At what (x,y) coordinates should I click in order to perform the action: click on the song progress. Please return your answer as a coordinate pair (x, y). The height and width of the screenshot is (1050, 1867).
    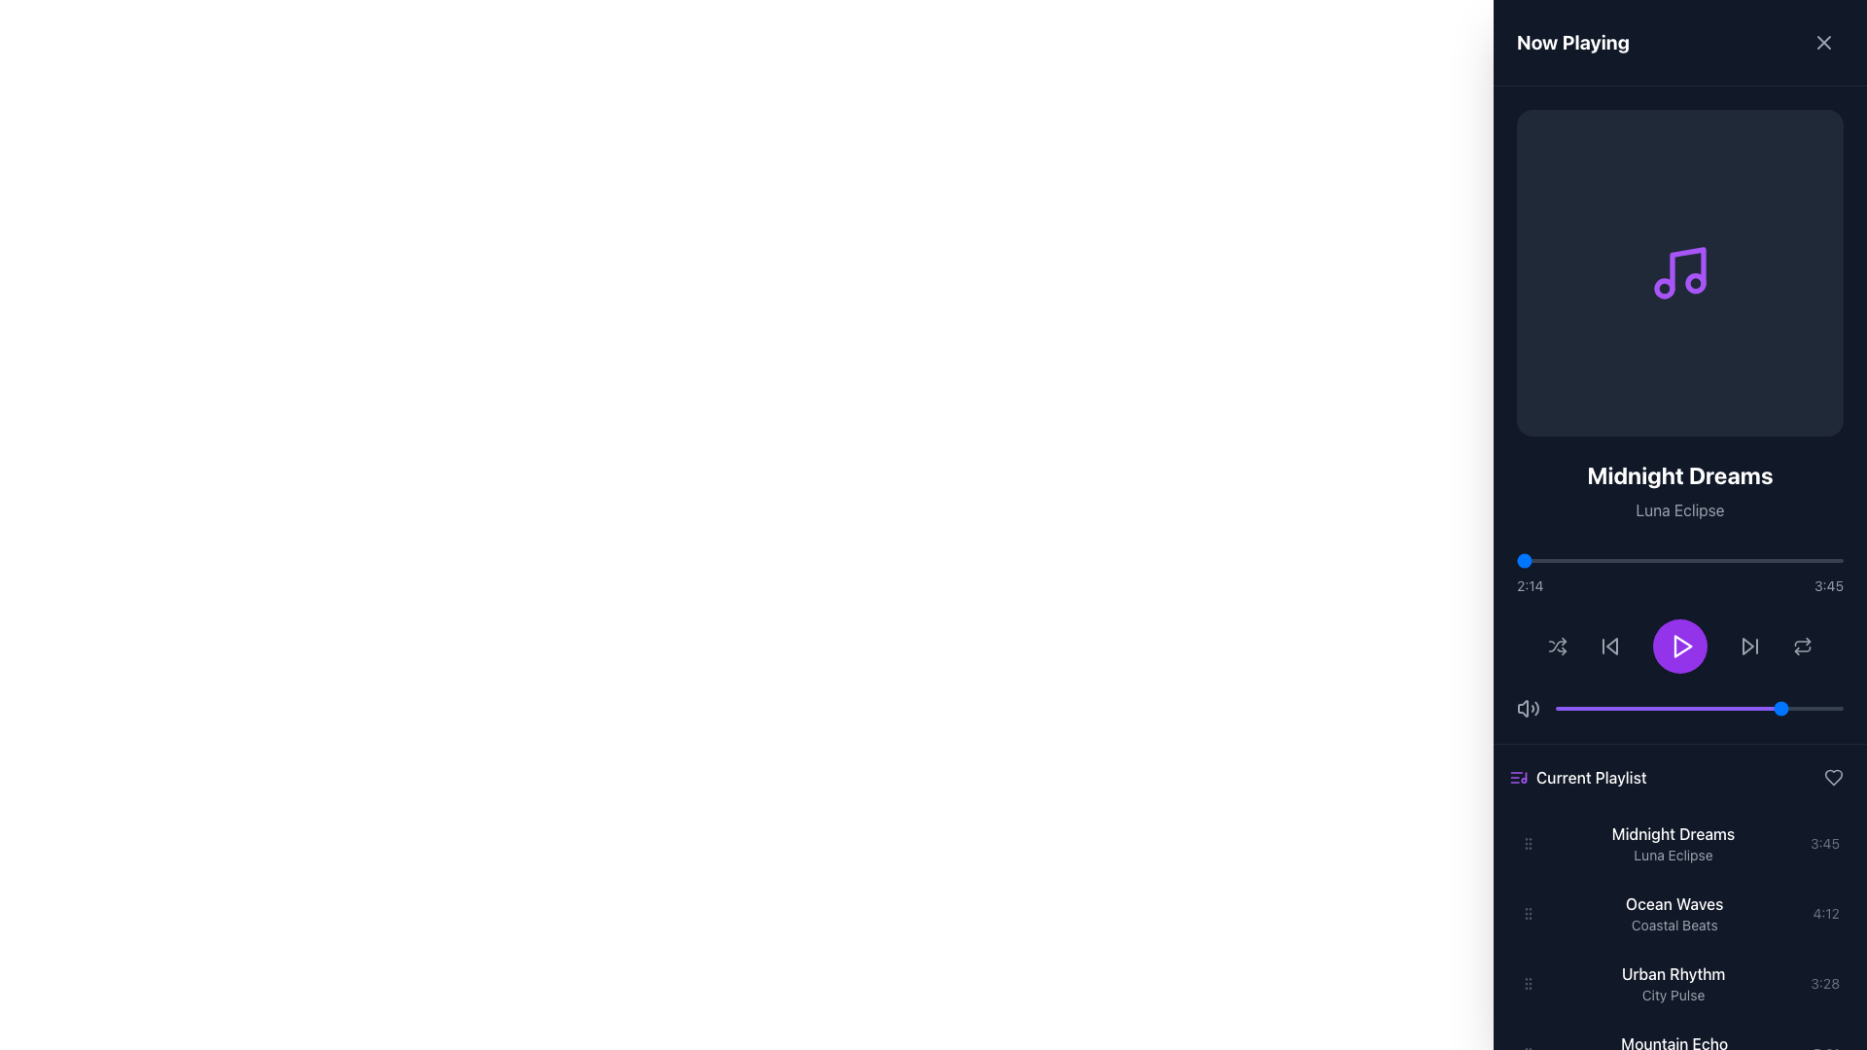
    Looking at the image, I should click on (1793, 561).